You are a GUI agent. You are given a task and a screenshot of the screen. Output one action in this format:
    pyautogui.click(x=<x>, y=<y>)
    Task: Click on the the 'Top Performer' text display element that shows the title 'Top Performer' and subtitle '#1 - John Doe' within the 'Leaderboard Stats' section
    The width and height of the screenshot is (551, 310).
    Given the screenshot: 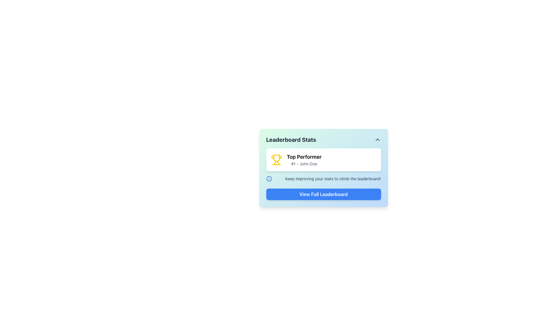 What is the action you would take?
    pyautogui.click(x=304, y=160)
    